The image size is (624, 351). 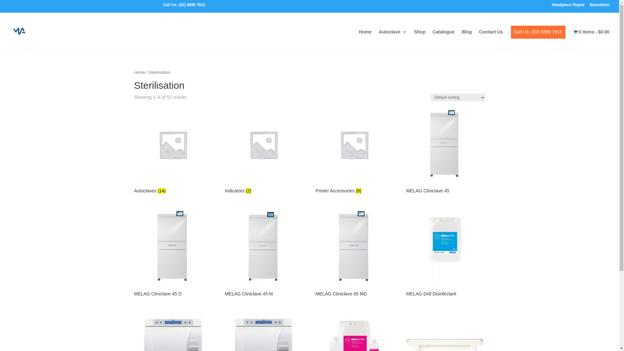 What do you see at coordinates (432, 37) in the screenshot?
I see `'Catalogue'` at bounding box center [432, 37].